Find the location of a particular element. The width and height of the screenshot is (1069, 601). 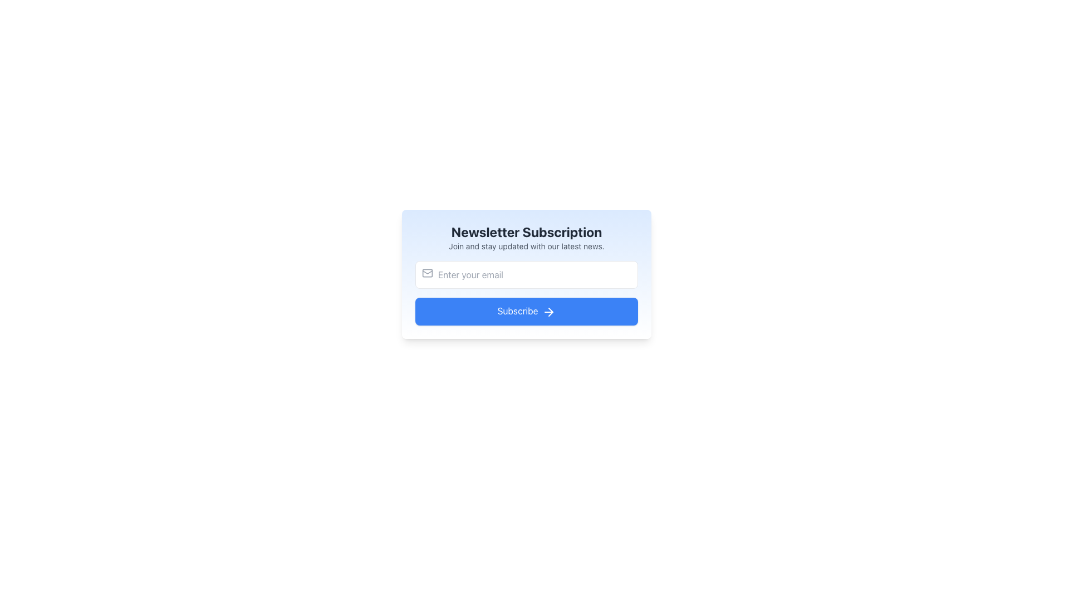

the static text element displaying 'Newsletter Subscription' and its description 'Join and stay updated with our latest news.' is located at coordinates (526, 237).